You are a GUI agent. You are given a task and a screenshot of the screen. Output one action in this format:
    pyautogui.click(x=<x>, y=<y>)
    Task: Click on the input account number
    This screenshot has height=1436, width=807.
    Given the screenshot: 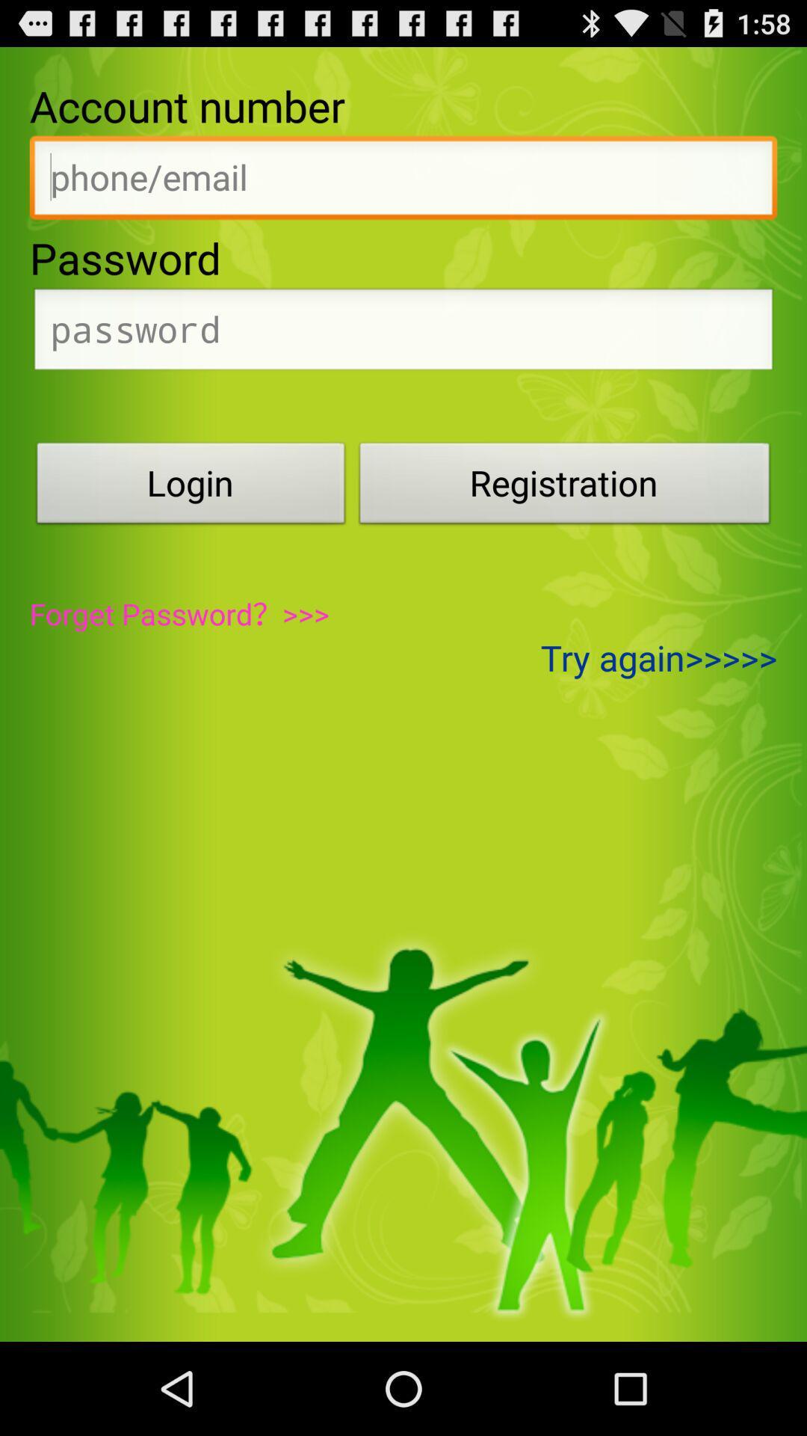 What is the action you would take?
    pyautogui.click(x=403, y=181)
    